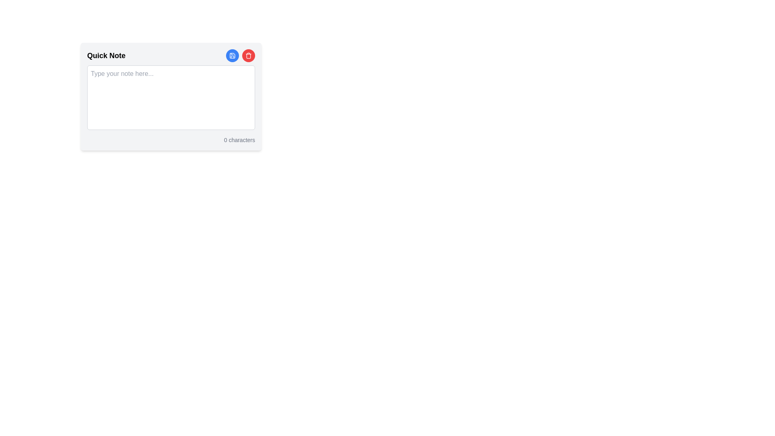 This screenshot has width=775, height=436. Describe the element at coordinates (170, 96) in the screenshot. I see `the text within the rectangular text input area that has a light gray background and is located below the title 'Quick Note'` at that location.